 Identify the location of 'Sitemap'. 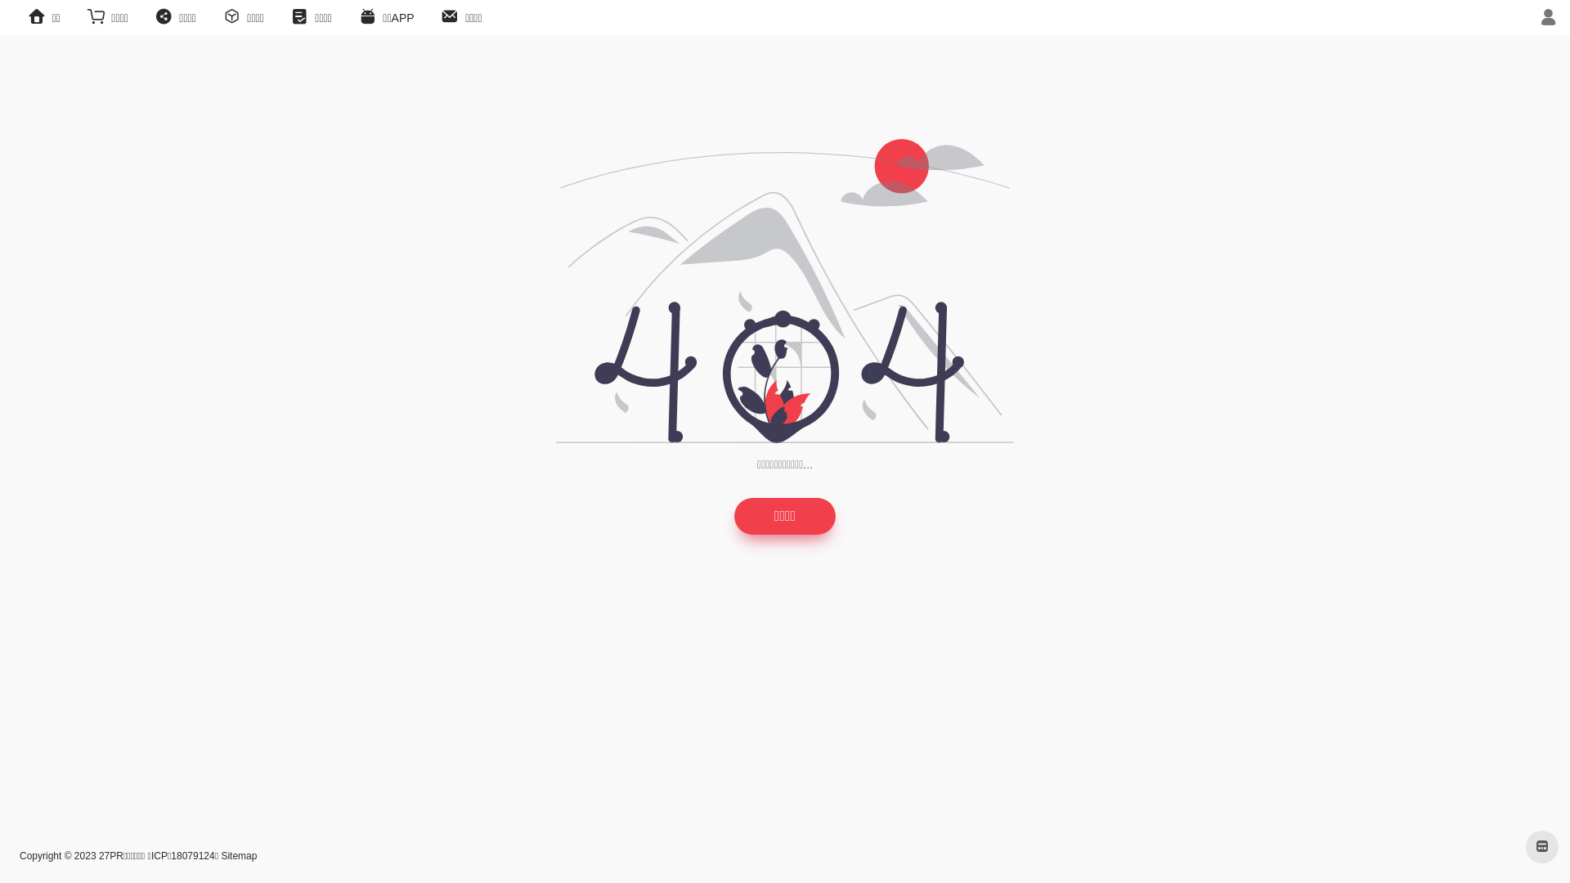
(238, 854).